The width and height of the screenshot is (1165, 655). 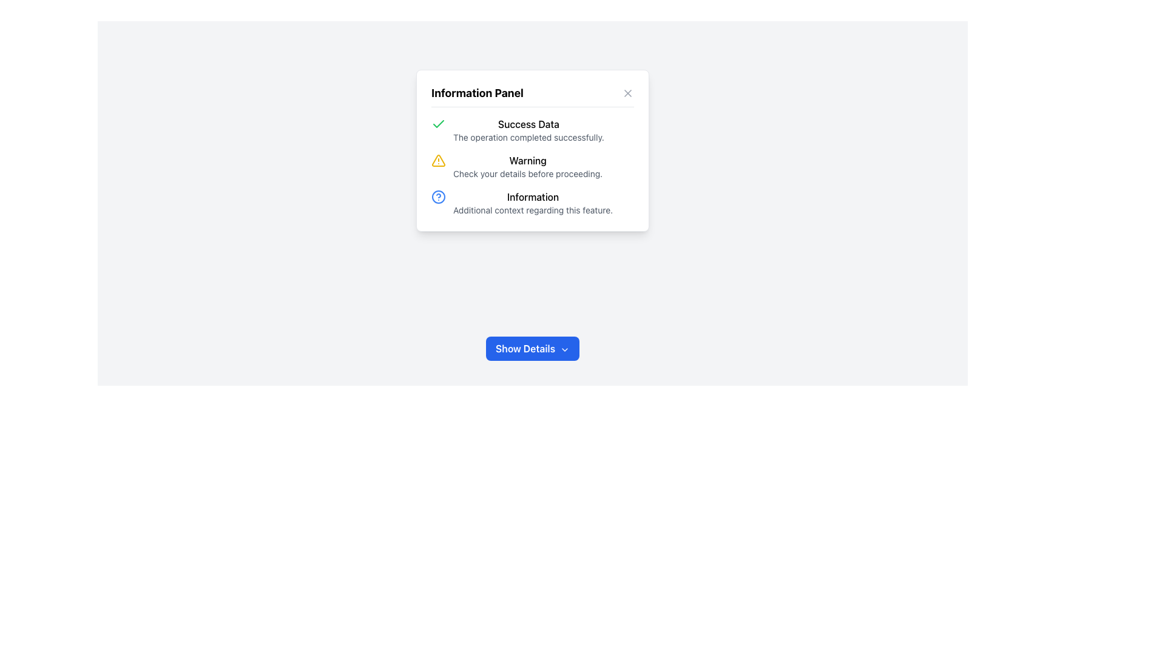 What do you see at coordinates (628, 93) in the screenshot?
I see `the 'X' icon button located in the top right-hand corner of the 'Information Panel'` at bounding box center [628, 93].